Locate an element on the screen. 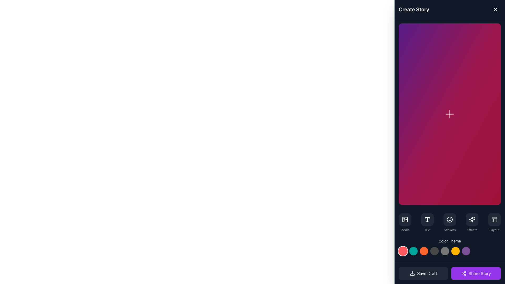 The width and height of the screenshot is (505, 284). the text label displaying the word 'Media', which is styled in a small light gray font and is positioned below the media icon in the bottom left toolbar is located at coordinates (405, 230).